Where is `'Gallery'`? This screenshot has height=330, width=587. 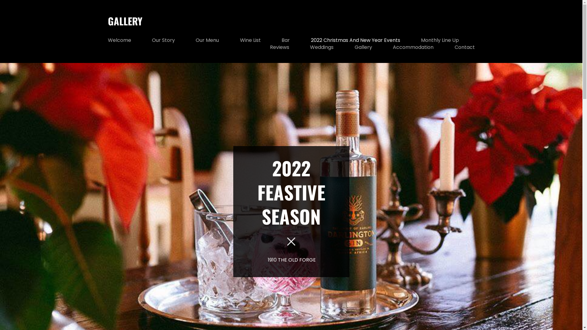 'Gallery' is located at coordinates (363, 47).